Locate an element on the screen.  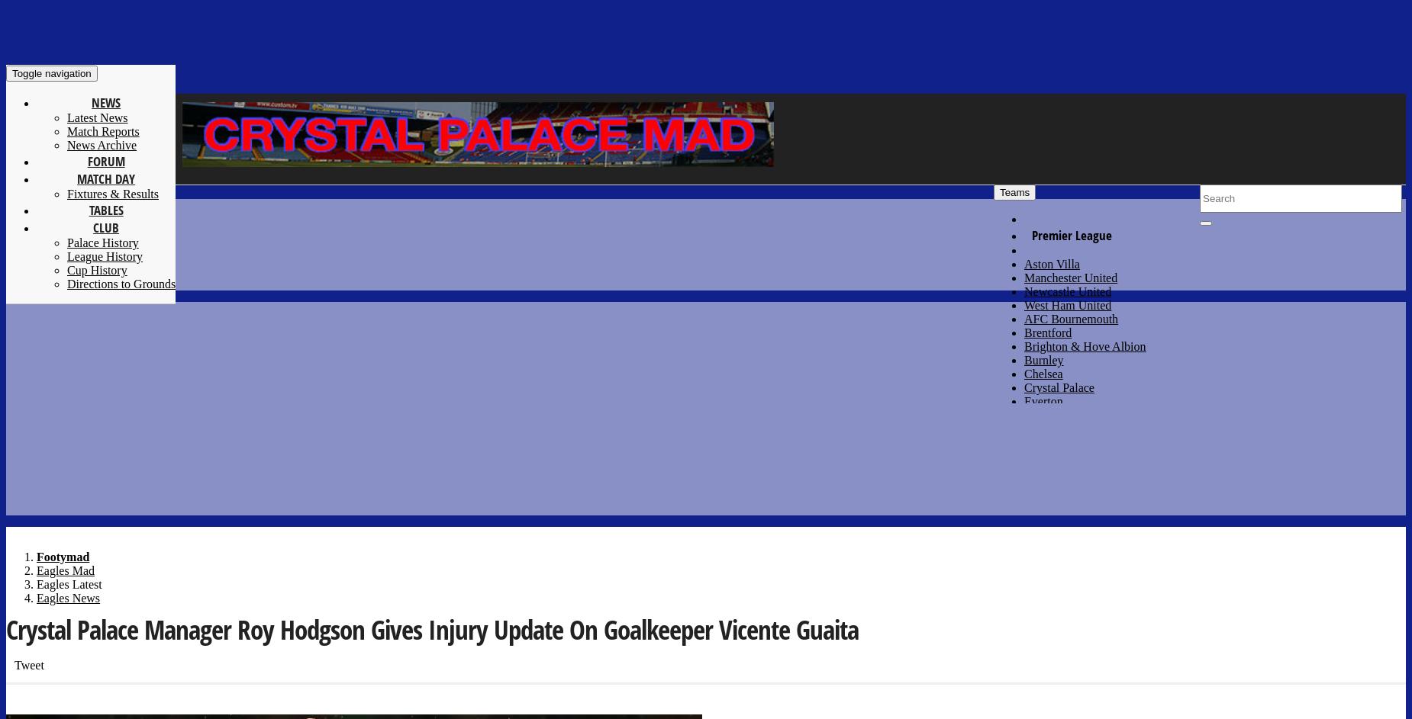
'Premier League News' is located at coordinates (1214, 59).